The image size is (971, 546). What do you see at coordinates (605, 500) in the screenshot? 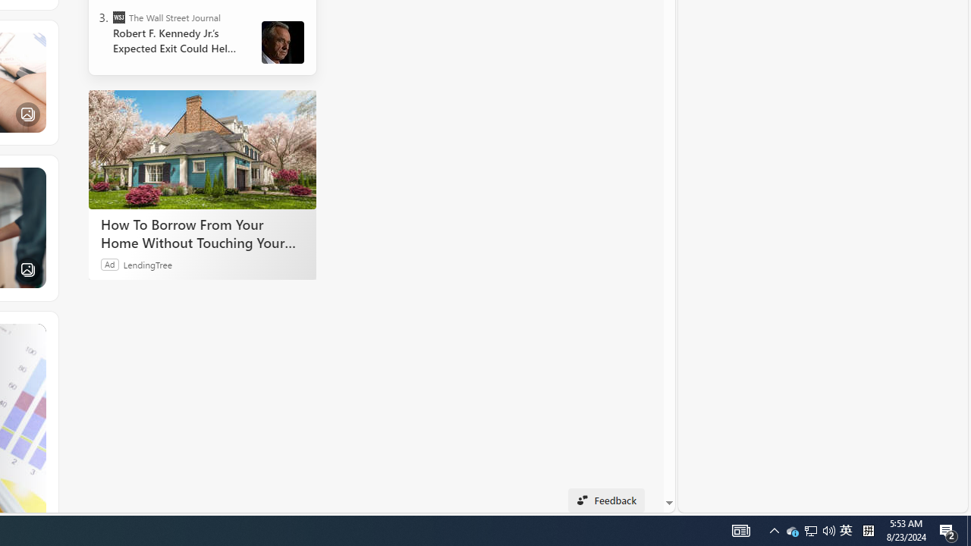
I see `'Feedback'` at bounding box center [605, 500].